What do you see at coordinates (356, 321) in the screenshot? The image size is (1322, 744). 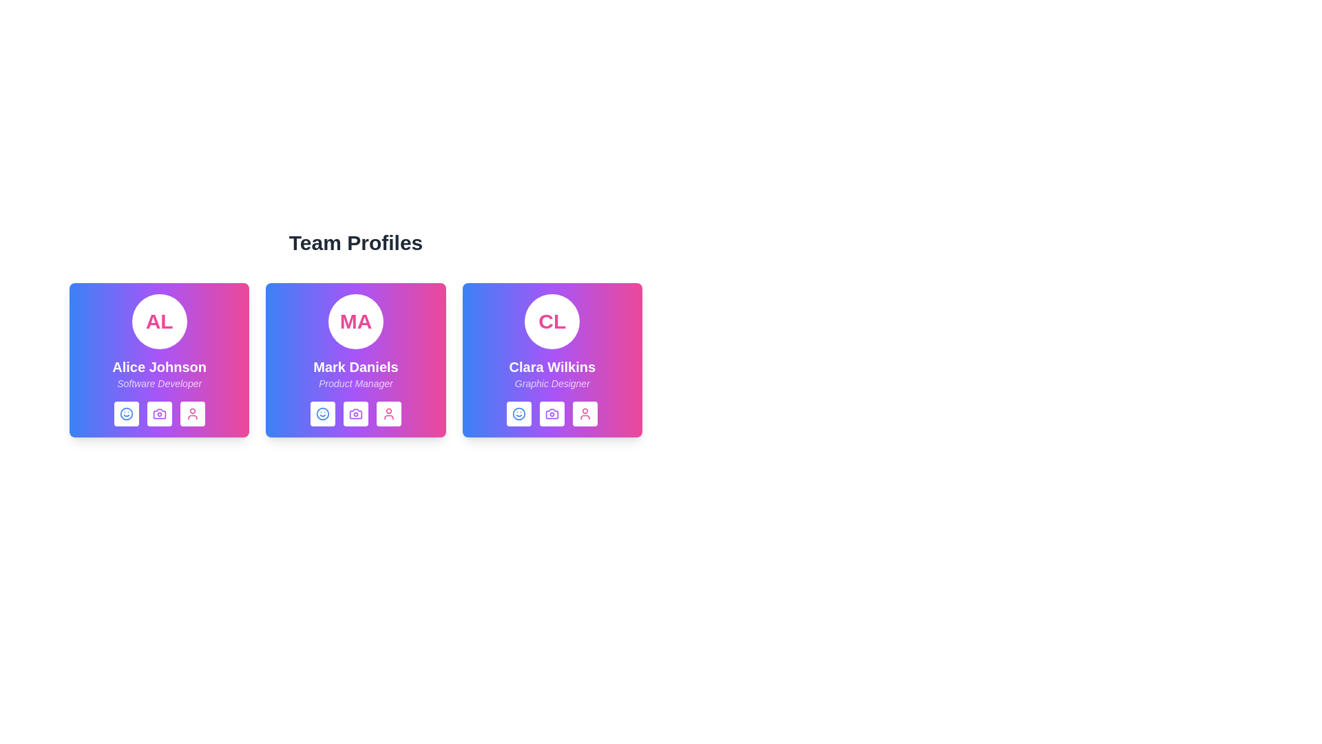 I see `the avatar for the profile of Mark Daniels, which displays his initials and is located at the top center of the profile card, above his name and role description` at bounding box center [356, 321].